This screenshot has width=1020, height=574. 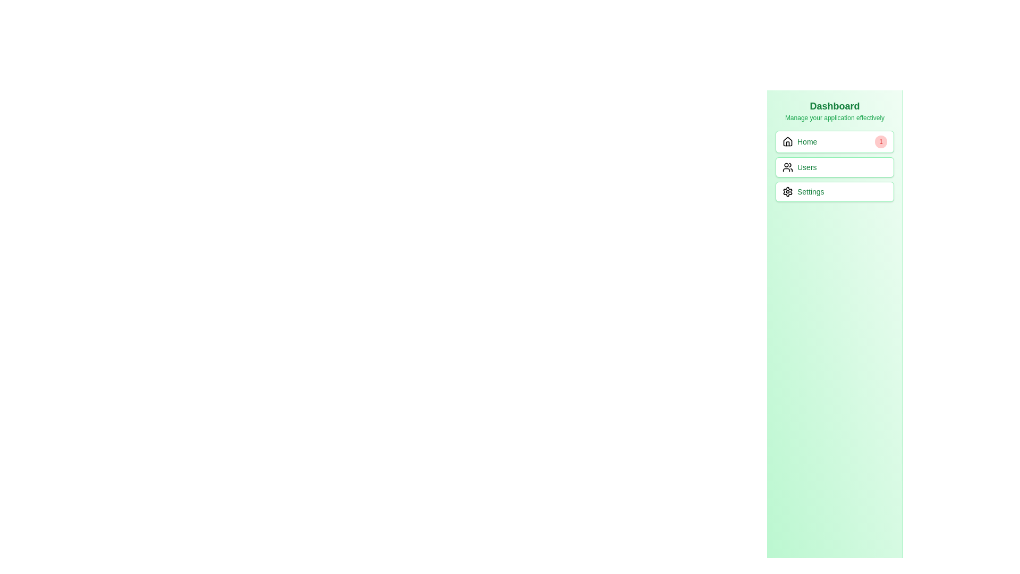 What do you see at coordinates (788, 167) in the screenshot?
I see `the button labeled 'Users' which contains the icon representing 'Users' for managing or viewing users in the application` at bounding box center [788, 167].